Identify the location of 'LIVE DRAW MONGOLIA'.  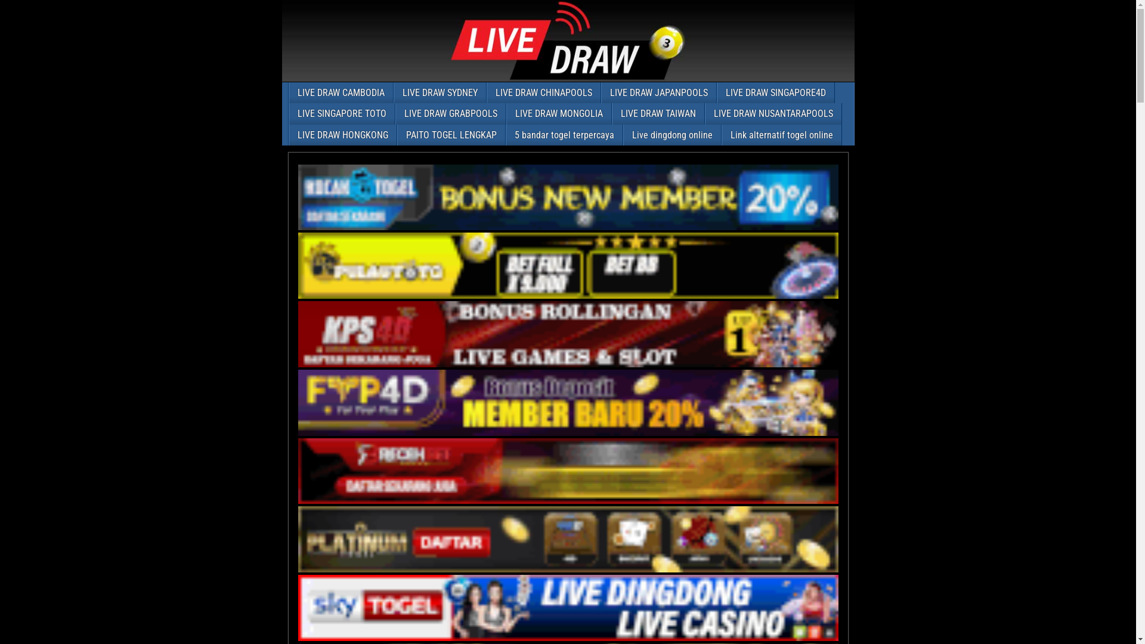
(558, 113).